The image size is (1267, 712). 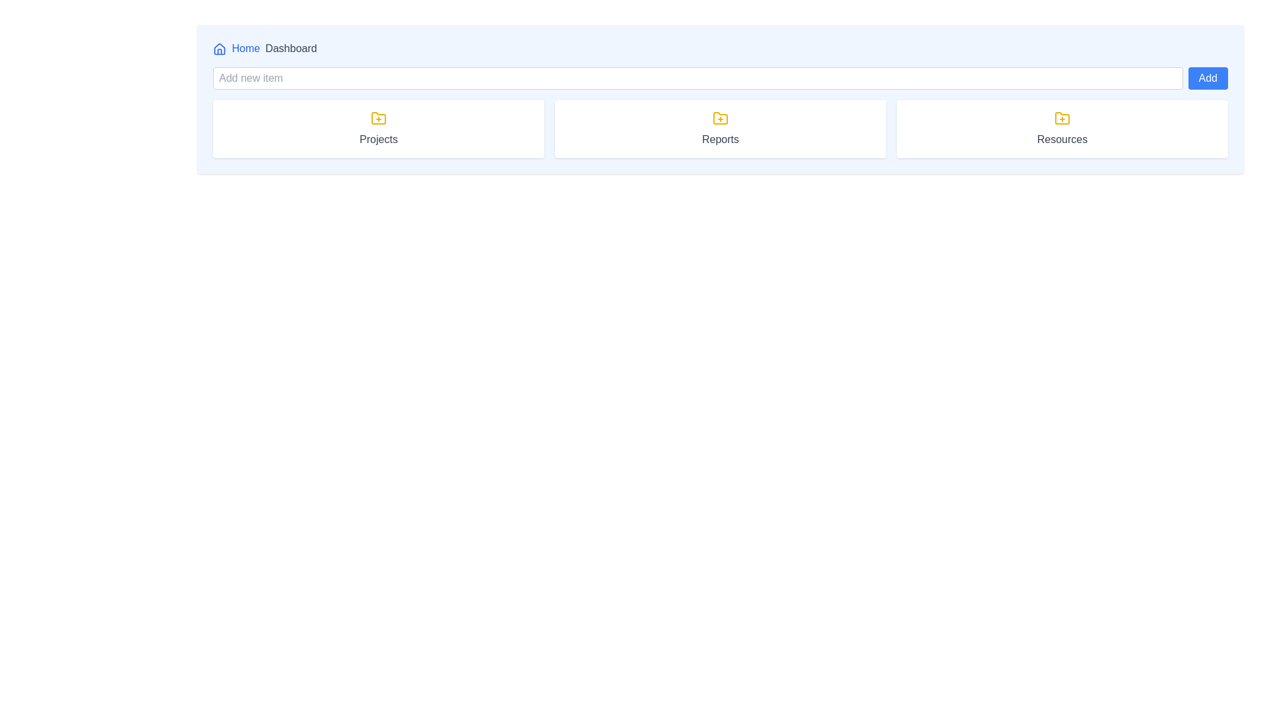 I want to click on the 'Add' button, so click(x=1208, y=78).